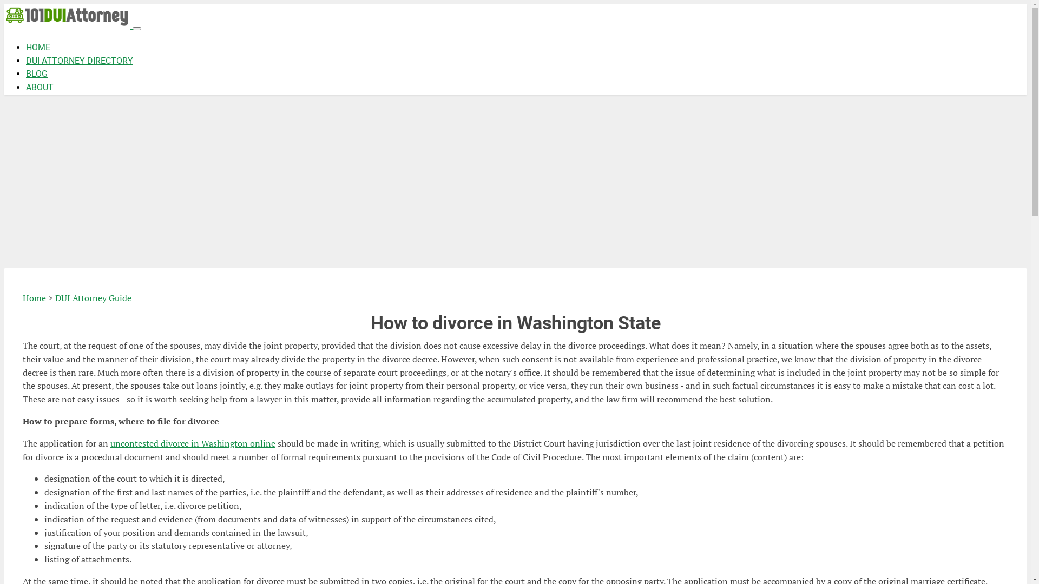 This screenshot has height=584, width=1039. What do you see at coordinates (110, 443) in the screenshot?
I see `'uncontested divorce in Washington online'` at bounding box center [110, 443].